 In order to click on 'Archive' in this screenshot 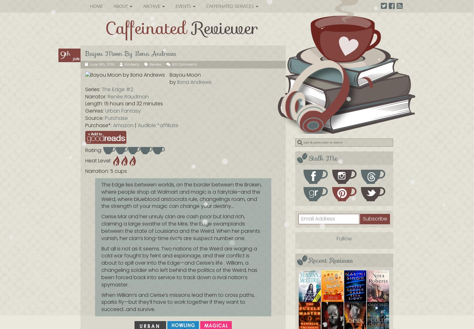, I will do `click(152, 6)`.